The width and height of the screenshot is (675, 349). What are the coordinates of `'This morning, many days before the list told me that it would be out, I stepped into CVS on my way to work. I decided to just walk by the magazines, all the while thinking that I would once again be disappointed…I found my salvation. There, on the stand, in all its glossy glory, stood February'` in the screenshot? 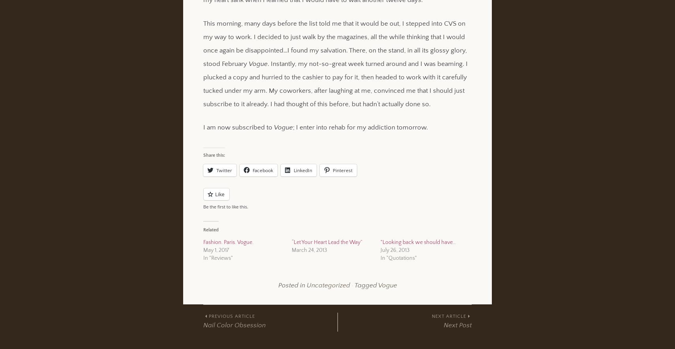 It's located at (335, 43).